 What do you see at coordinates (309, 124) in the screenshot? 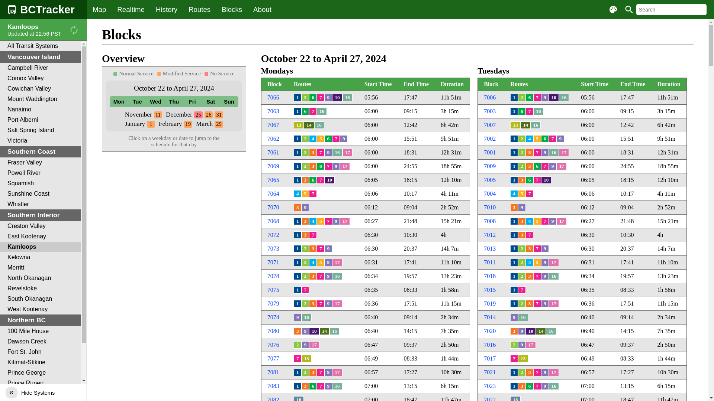
I see `'14'` at bounding box center [309, 124].